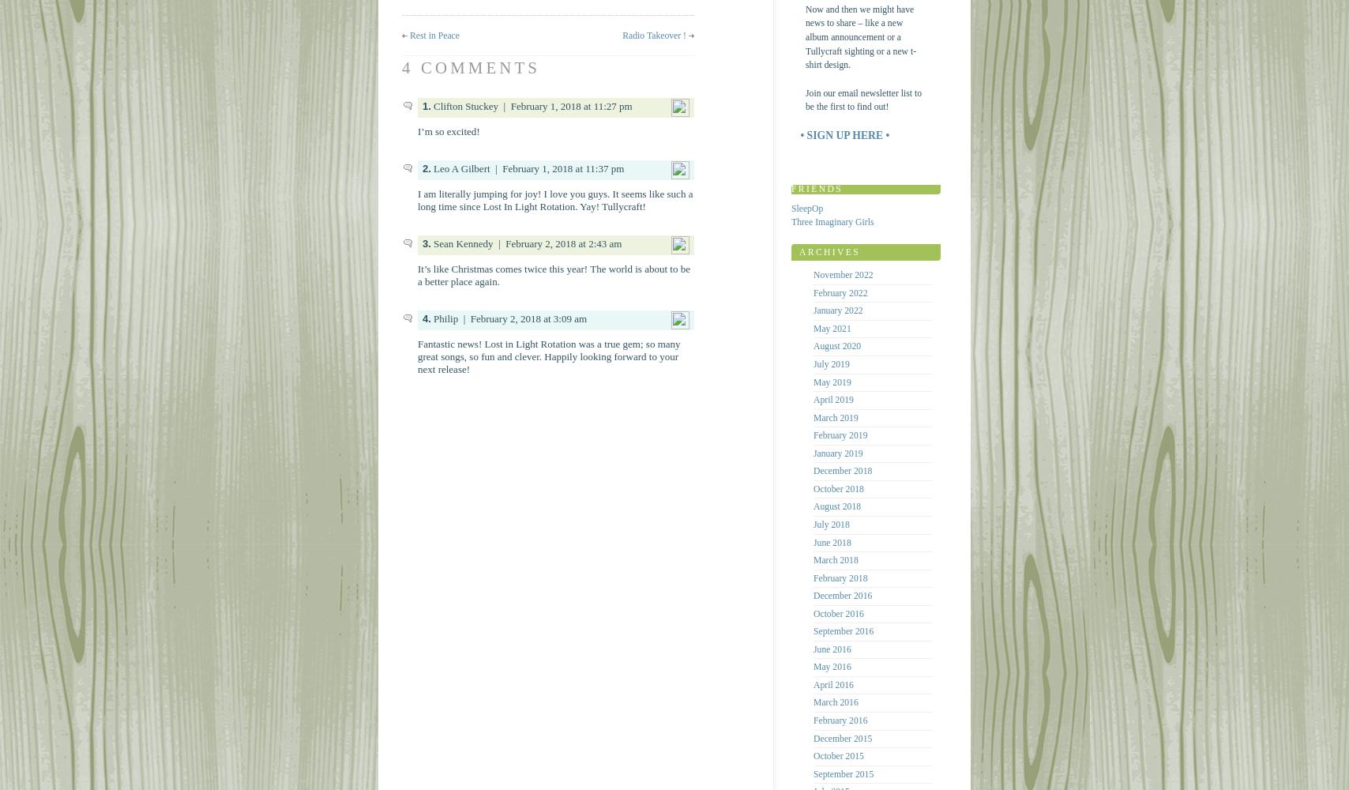 The width and height of the screenshot is (1349, 790). Describe the element at coordinates (492, 243) in the screenshot. I see `'|  February 2, 2018 at 2:43 am'` at that location.